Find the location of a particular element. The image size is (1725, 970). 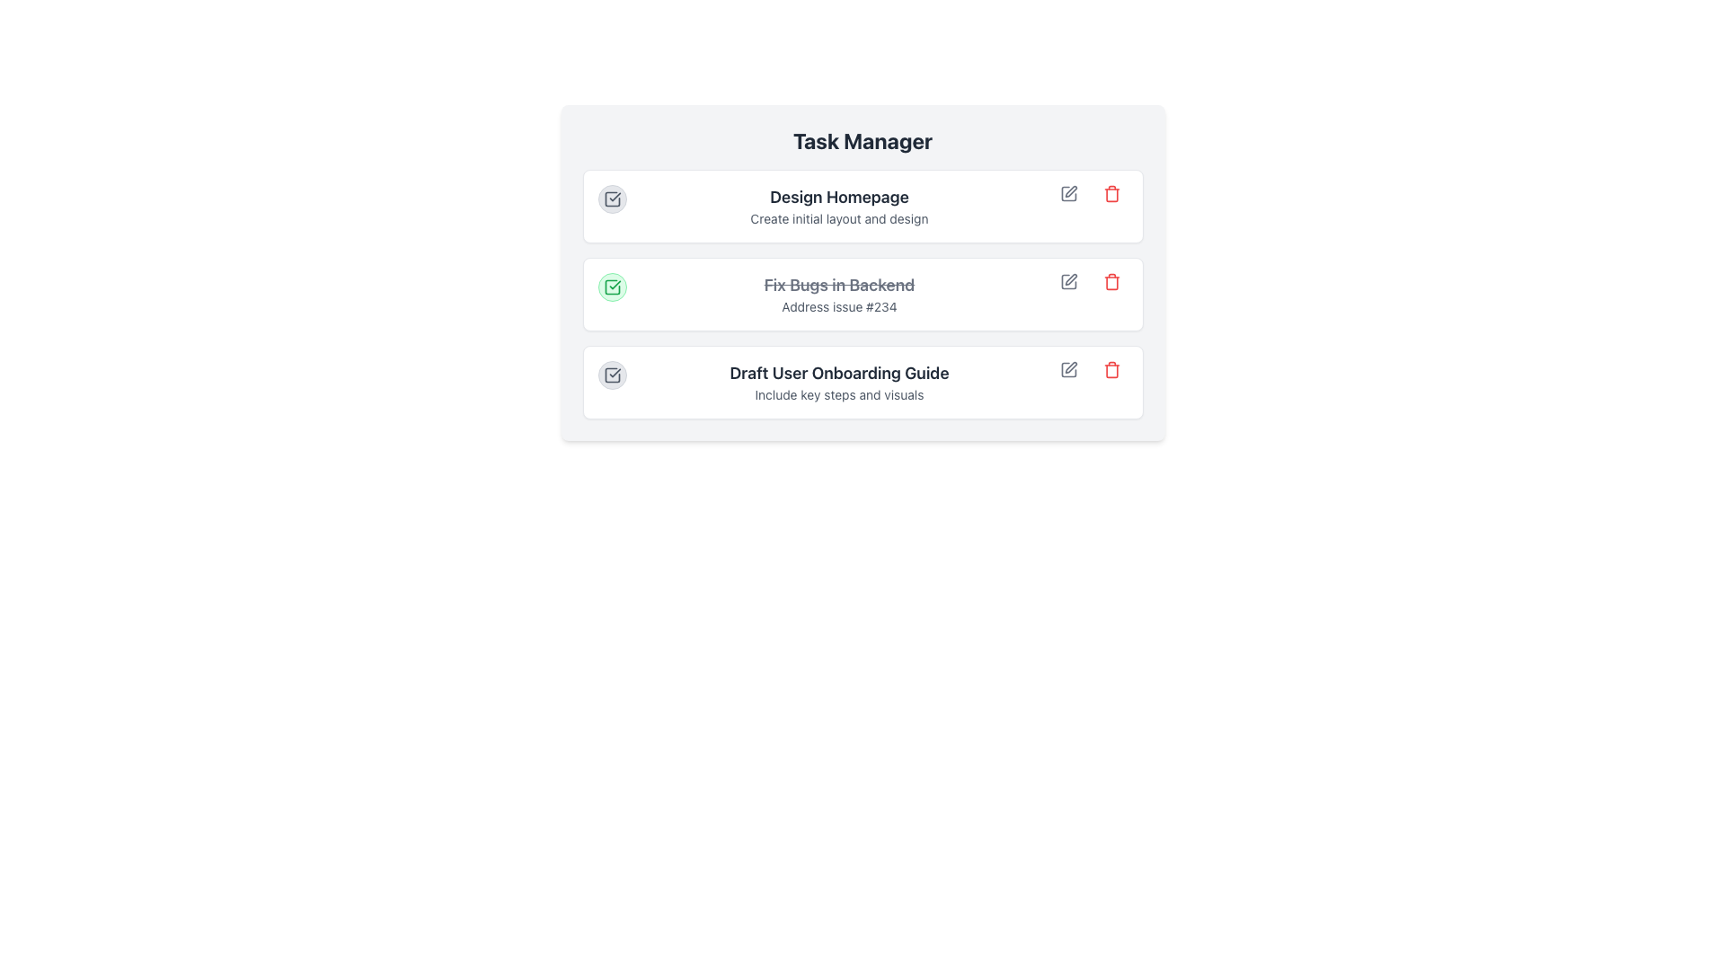

the text label element that states 'Create initial layout and design,' which is styled in grey and located beneath the 'Design Homepage' header in the task list interface is located at coordinates (838, 217).